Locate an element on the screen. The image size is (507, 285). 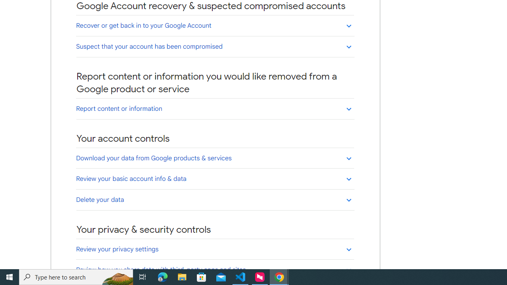
'Review your privacy settings' is located at coordinates (215, 249).